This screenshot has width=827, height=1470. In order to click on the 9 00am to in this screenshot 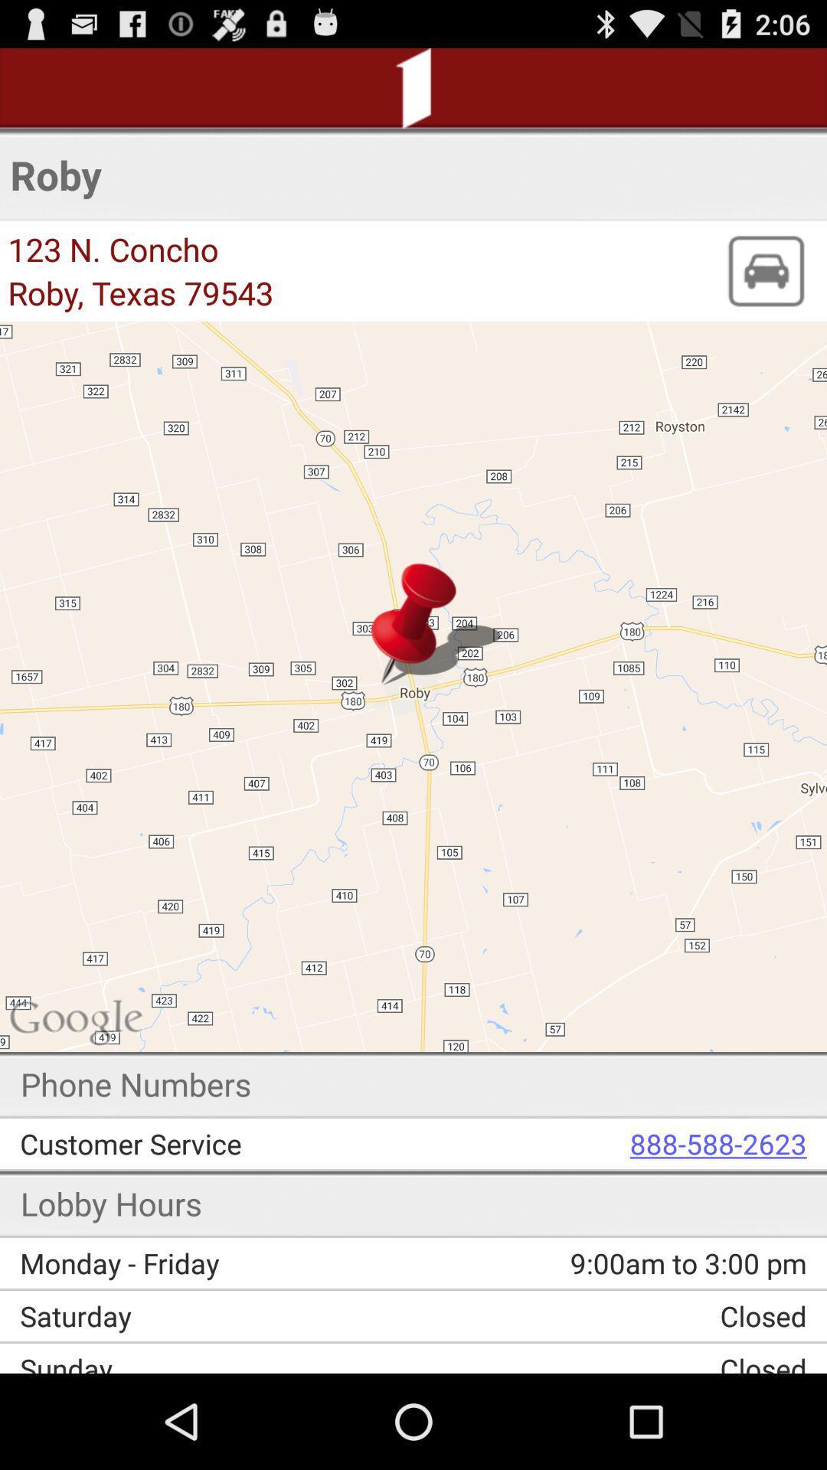, I will do `click(600, 1263)`.